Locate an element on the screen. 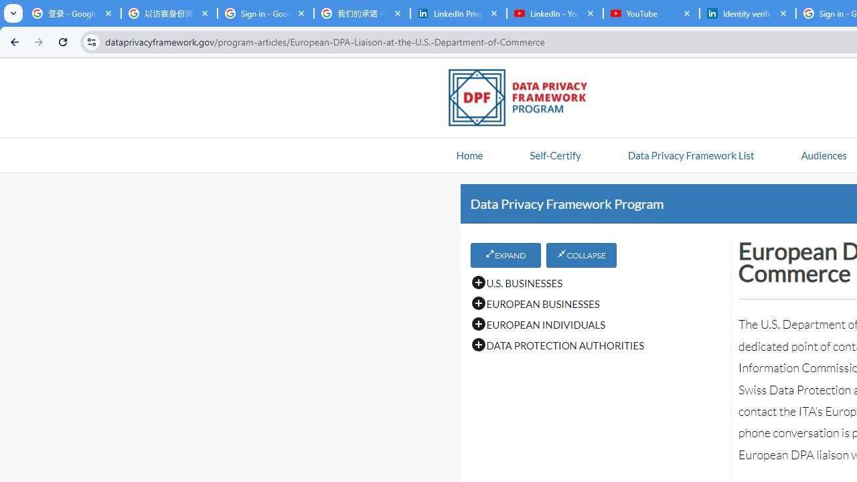  'Data Privacy Framework Logo - Link to Homepage' is located at coordinates (524, 99).